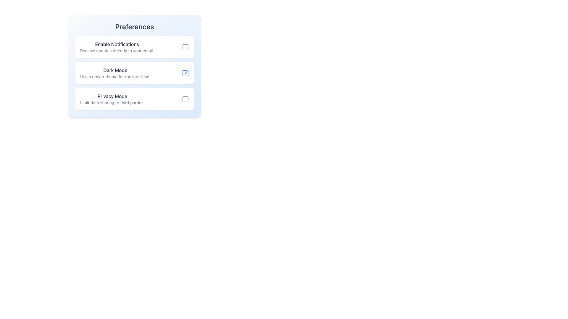 The image size is (568, 319). Describe the element at coordinates (117, 47) in the screenshot. I see `the text block labeled 'Enable Notifications' which describes receiving updates directly to your email, located within the 'Preferences' section of the interface` at that location.